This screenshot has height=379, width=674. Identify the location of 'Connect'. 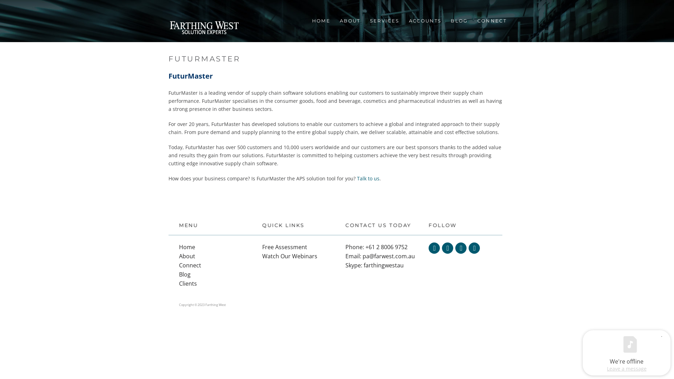
(190, 265).